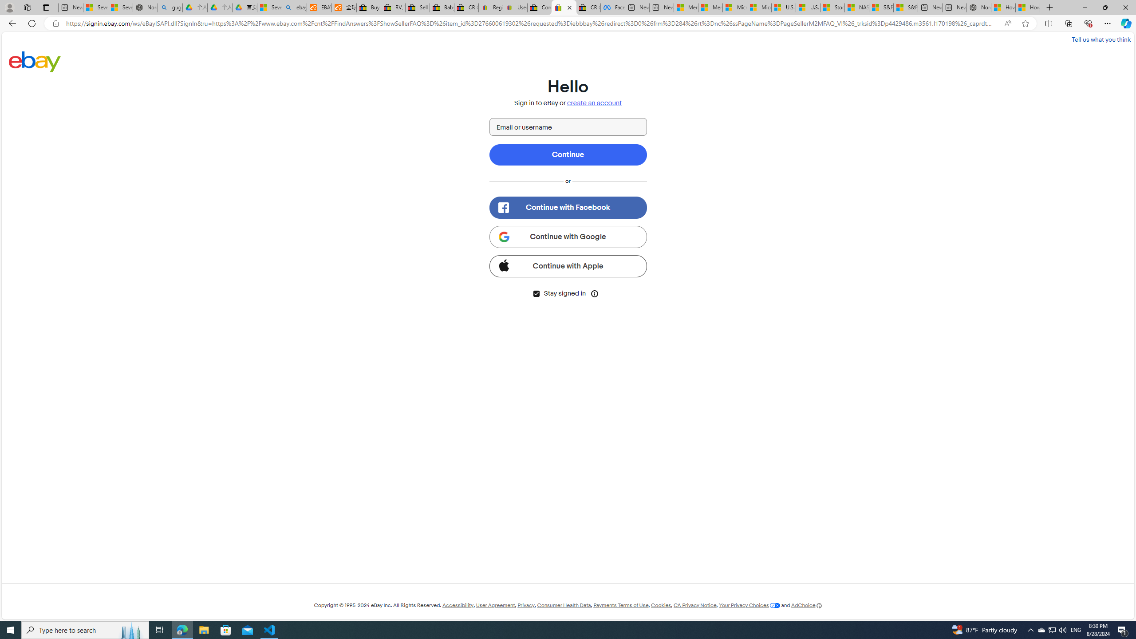  What do you see at coordinates (514, 7) in the screenshot?
I see `'User Privacy Notice | eBay'` at bounding box center [514, 7].